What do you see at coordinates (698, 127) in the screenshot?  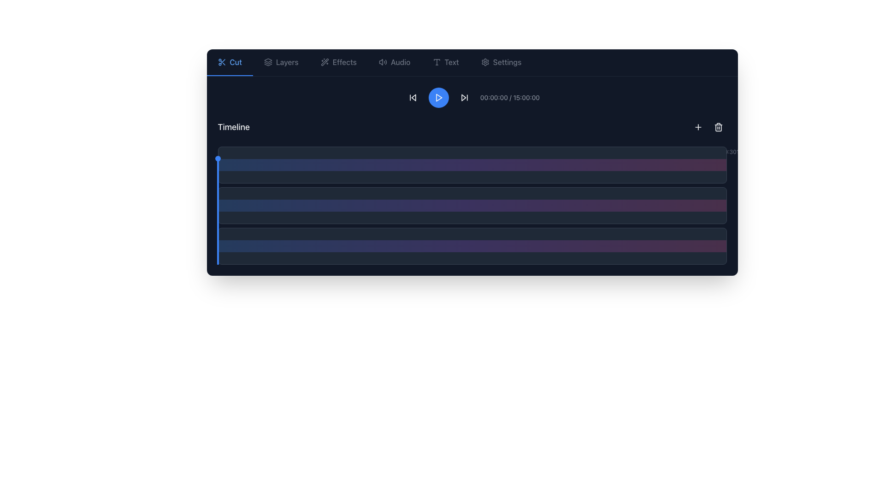 I see `the add button located in the upper-right corner of the dark interface block` at bounding box center [698, 127].